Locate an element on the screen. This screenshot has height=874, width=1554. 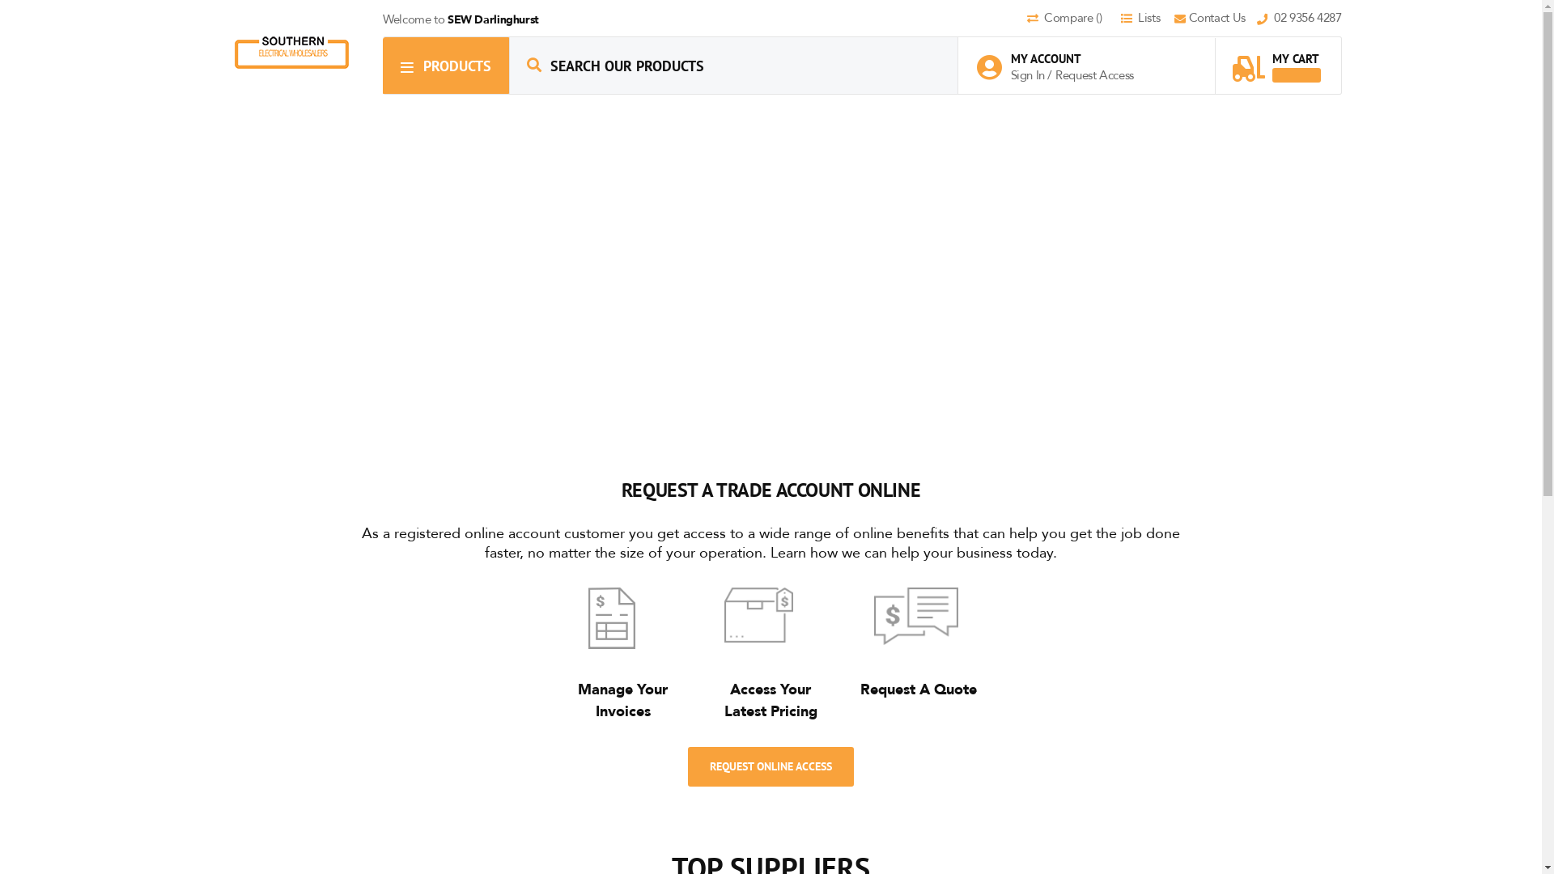
'Lists' is located at coordinates (1145, 19).